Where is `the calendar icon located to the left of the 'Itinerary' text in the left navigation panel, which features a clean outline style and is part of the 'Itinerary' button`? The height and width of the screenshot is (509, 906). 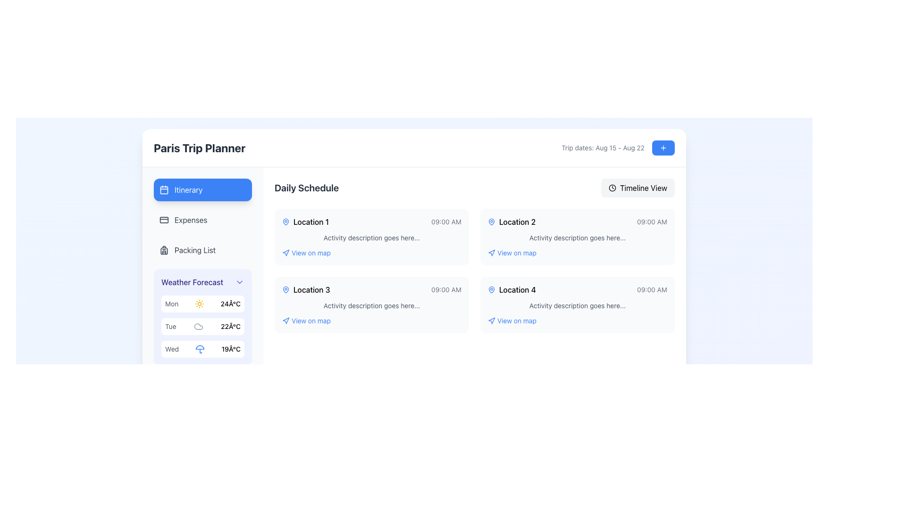
the calendar icon located to the left of the 'Itinerary' text in the left navigation panel, which features a clean outline style and is part of the 'Itinerary' button is located at coordinates (164, 189).